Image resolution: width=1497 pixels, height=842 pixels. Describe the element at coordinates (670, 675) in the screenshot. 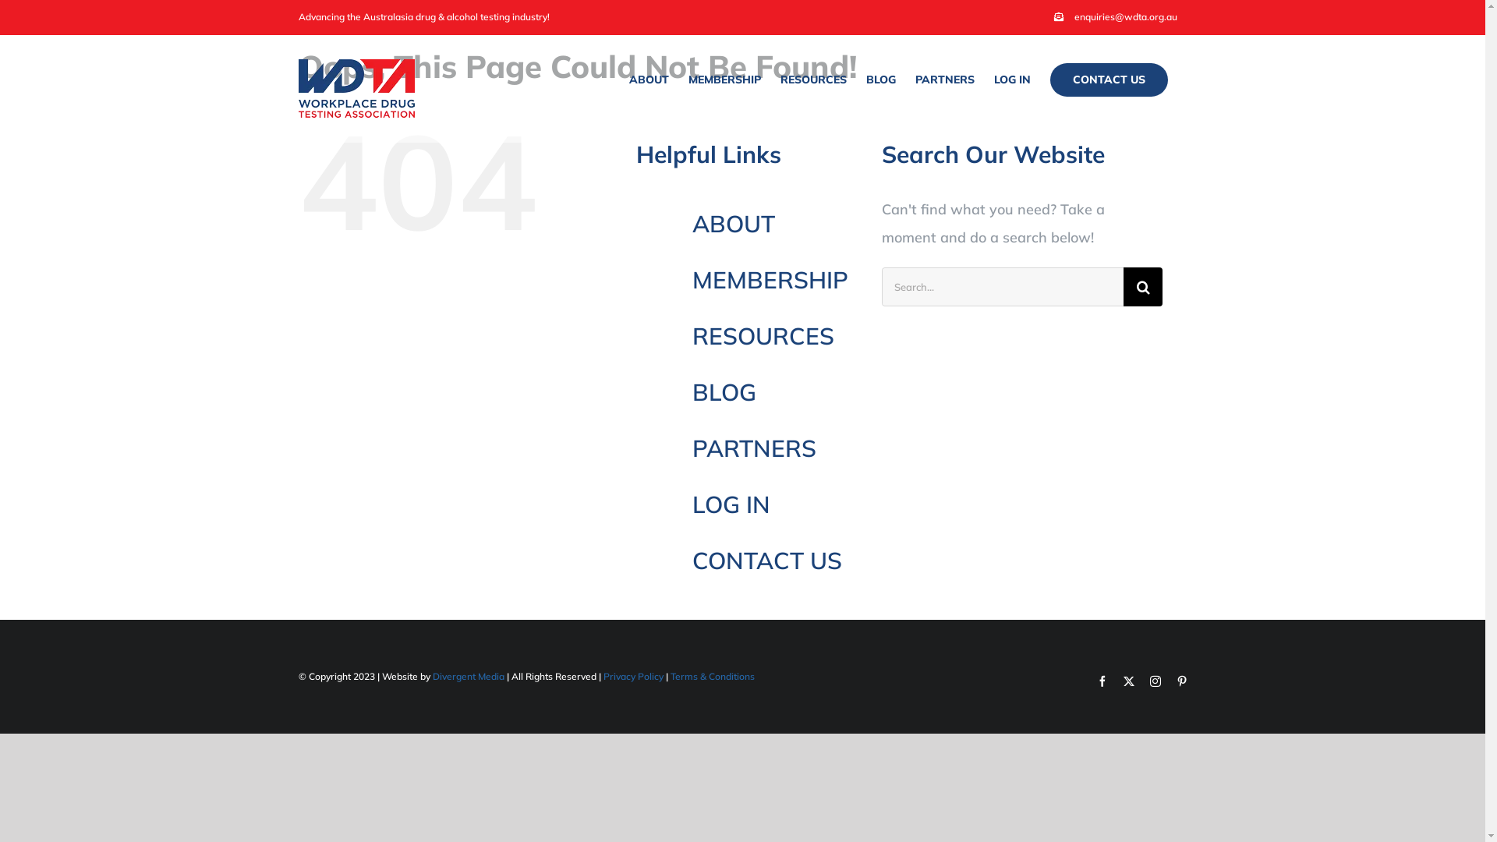

I see `'Terms & Conditions'` at that location.